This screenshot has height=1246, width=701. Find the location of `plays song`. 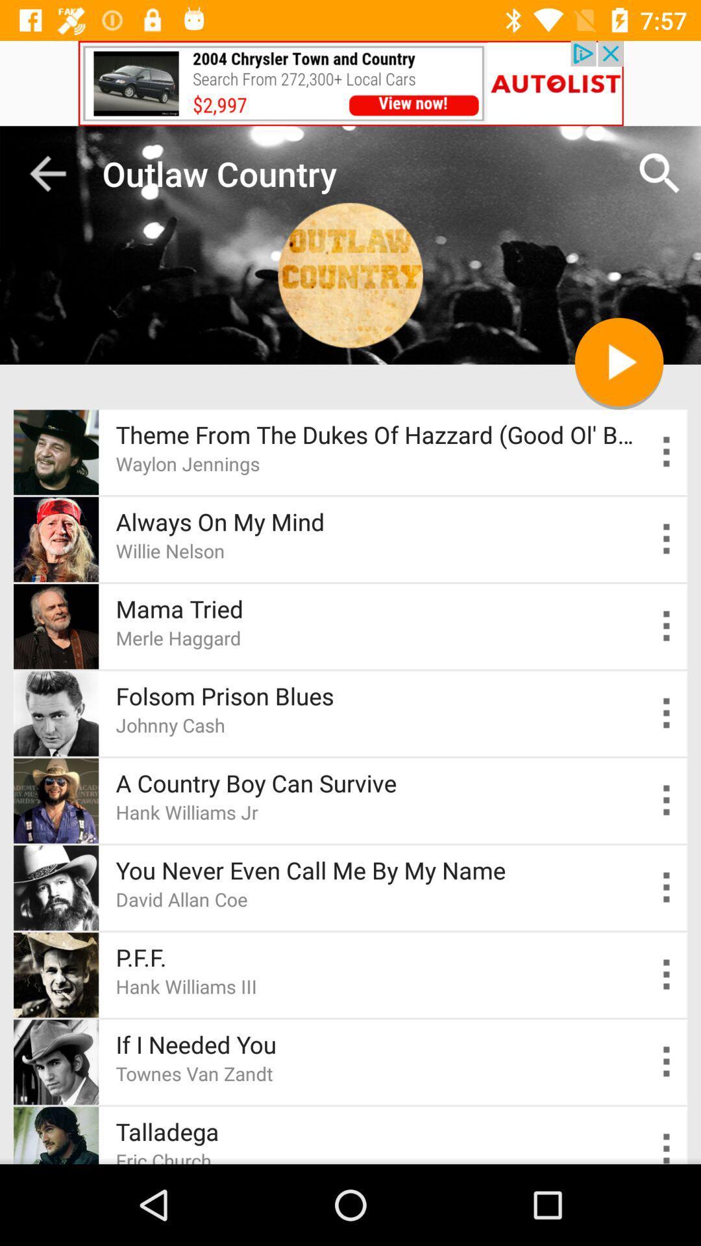

plays song is located at coordinates (618, 361).